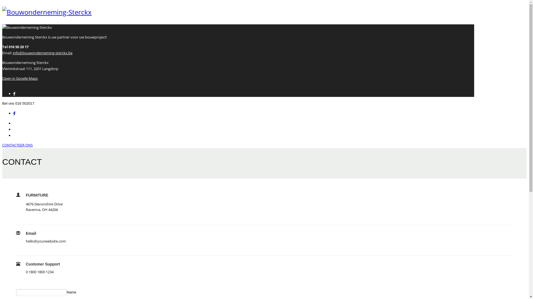 The width and height of the screenshot is (533, 299). What do you see at coordinates (42, 53) in the screenshot?
I see `'info@bouwonderneming-sterckx.be'` at bounding box center [42, 53].